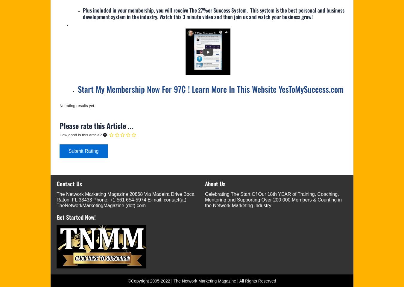 Image resolution: width=404 pixels, height=287 pixels. What do you see at coordinates (57, 217) in the screenshot?
I see `'Get Started Now!'` at bounding box center [57, 217].